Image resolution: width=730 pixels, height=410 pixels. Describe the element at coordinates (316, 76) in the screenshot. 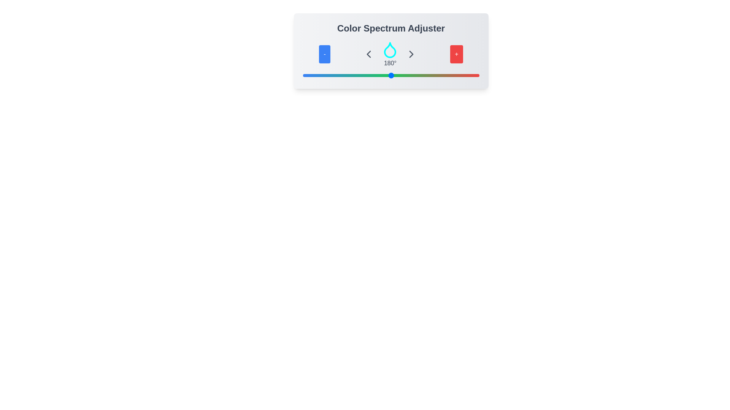

I see `the slider to set the color value to 27` at that location.